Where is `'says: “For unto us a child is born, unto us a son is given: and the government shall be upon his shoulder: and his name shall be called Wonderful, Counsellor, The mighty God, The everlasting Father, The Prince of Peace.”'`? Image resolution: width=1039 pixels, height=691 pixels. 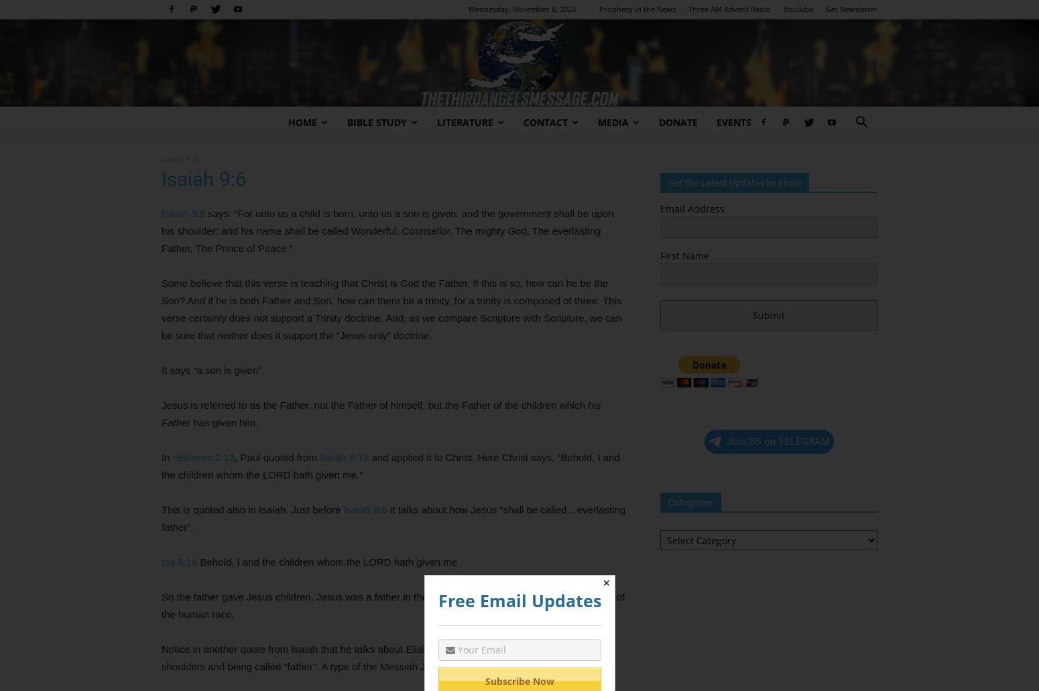
'says: “For unto us a child is born, unto us a son is given: and the government shall be upon his shoulder: and his name shall be called Wonderful, Counsellor, The mighty God, The everlasting Father, The Prince of Peace.”' is located at coordinates (162, 230).